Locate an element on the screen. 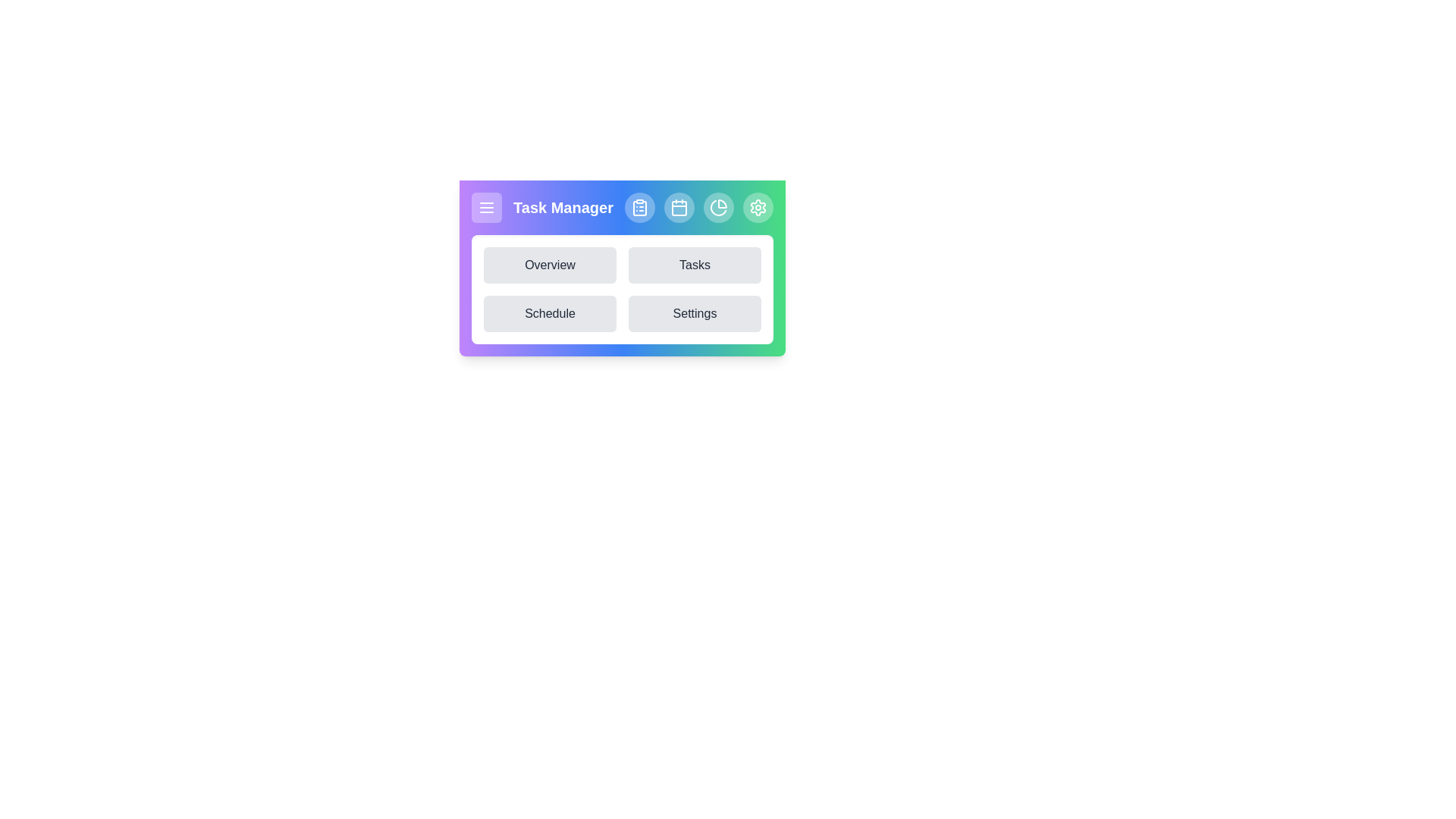 The image size is (1456, 819). the Settings navigation button is located at coordinates (694, 312).